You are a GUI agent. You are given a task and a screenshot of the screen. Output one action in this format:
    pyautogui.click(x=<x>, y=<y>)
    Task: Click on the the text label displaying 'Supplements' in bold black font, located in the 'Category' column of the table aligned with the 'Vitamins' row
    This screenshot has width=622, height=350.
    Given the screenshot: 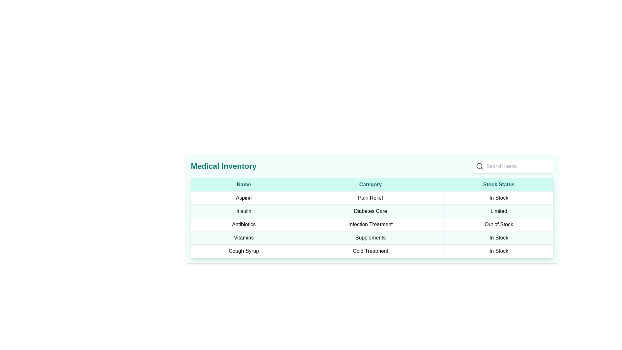 What is the action you would take?
    pyautogui.click(x=370, y=238)
    